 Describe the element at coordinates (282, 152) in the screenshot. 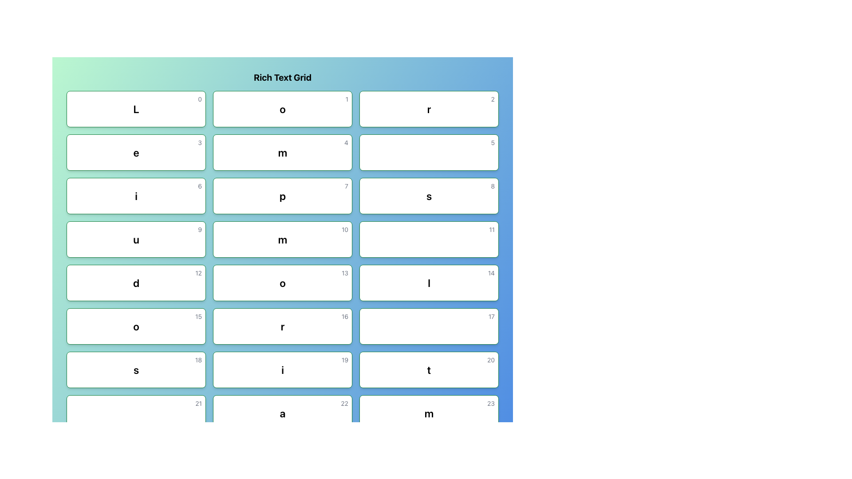

I see `the static text component displaying the letter 'm' in bold, large font, located in the fourth cell of a grid layout, bordered in green with a white background` at that location.